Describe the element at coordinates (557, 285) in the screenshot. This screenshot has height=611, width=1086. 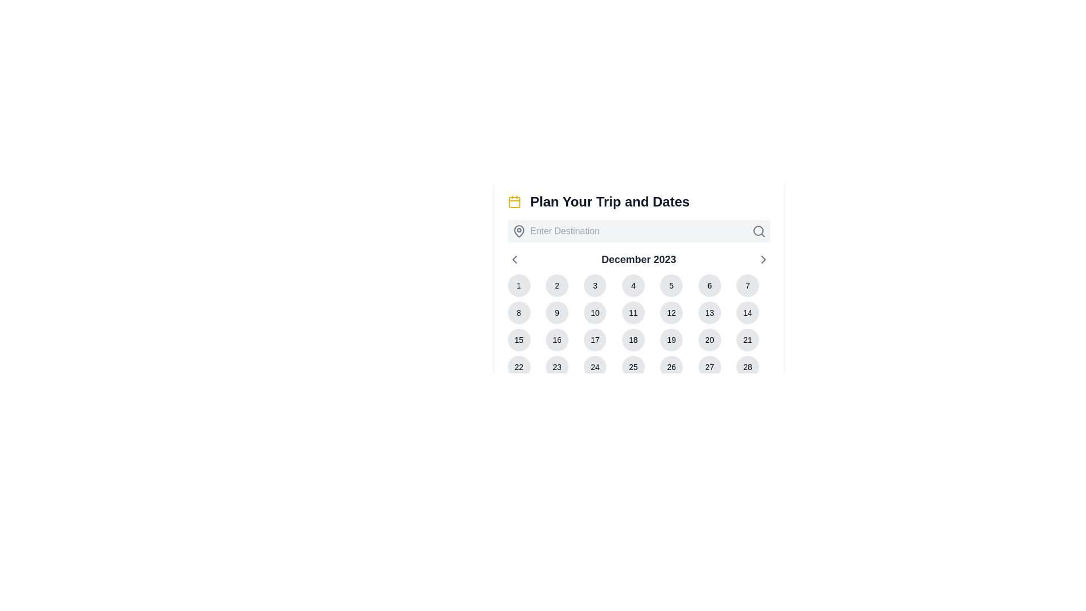
I see `the interactive button representing the date '2' within the calendar interface for interaction` at that location.